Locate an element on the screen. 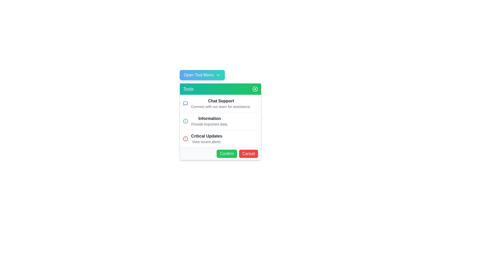 The image size is (490, 275). the close button located at the top-right corner of the 'Tools' header section is located at coordinates (255, 89).